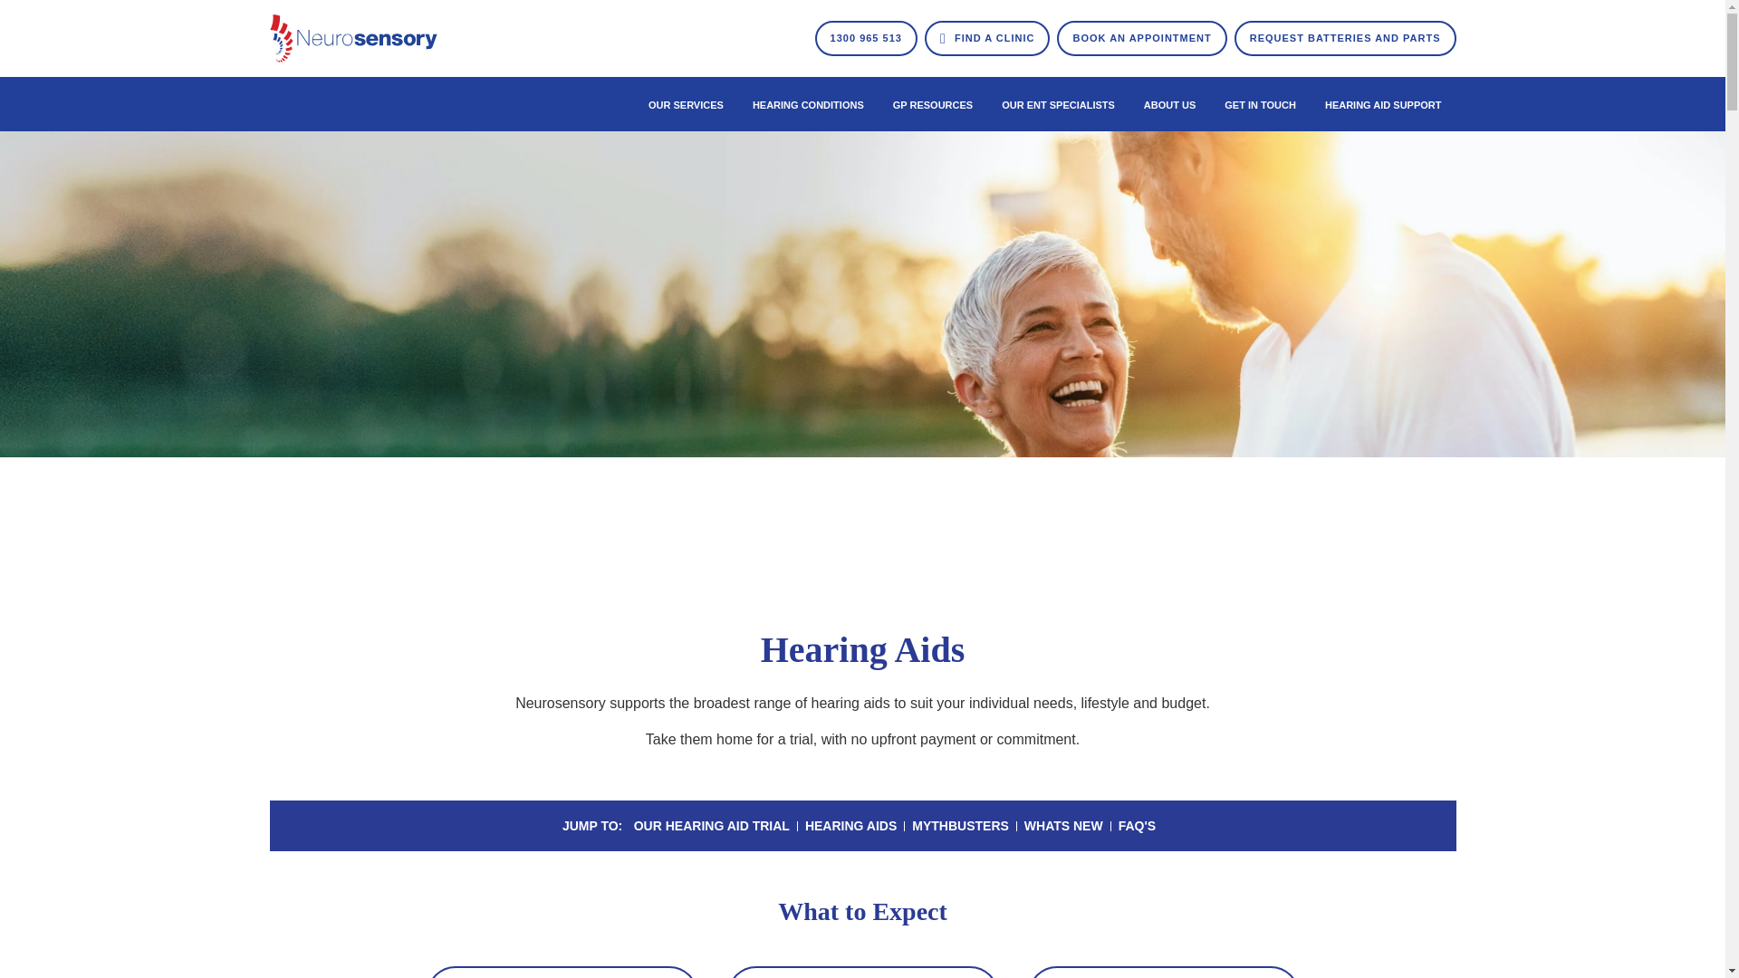 This screenshot has height=978, width=1739. Describe the element at coordinates (803, 826) in the screenshot. I see `'HEARING AIDS'` at that location.